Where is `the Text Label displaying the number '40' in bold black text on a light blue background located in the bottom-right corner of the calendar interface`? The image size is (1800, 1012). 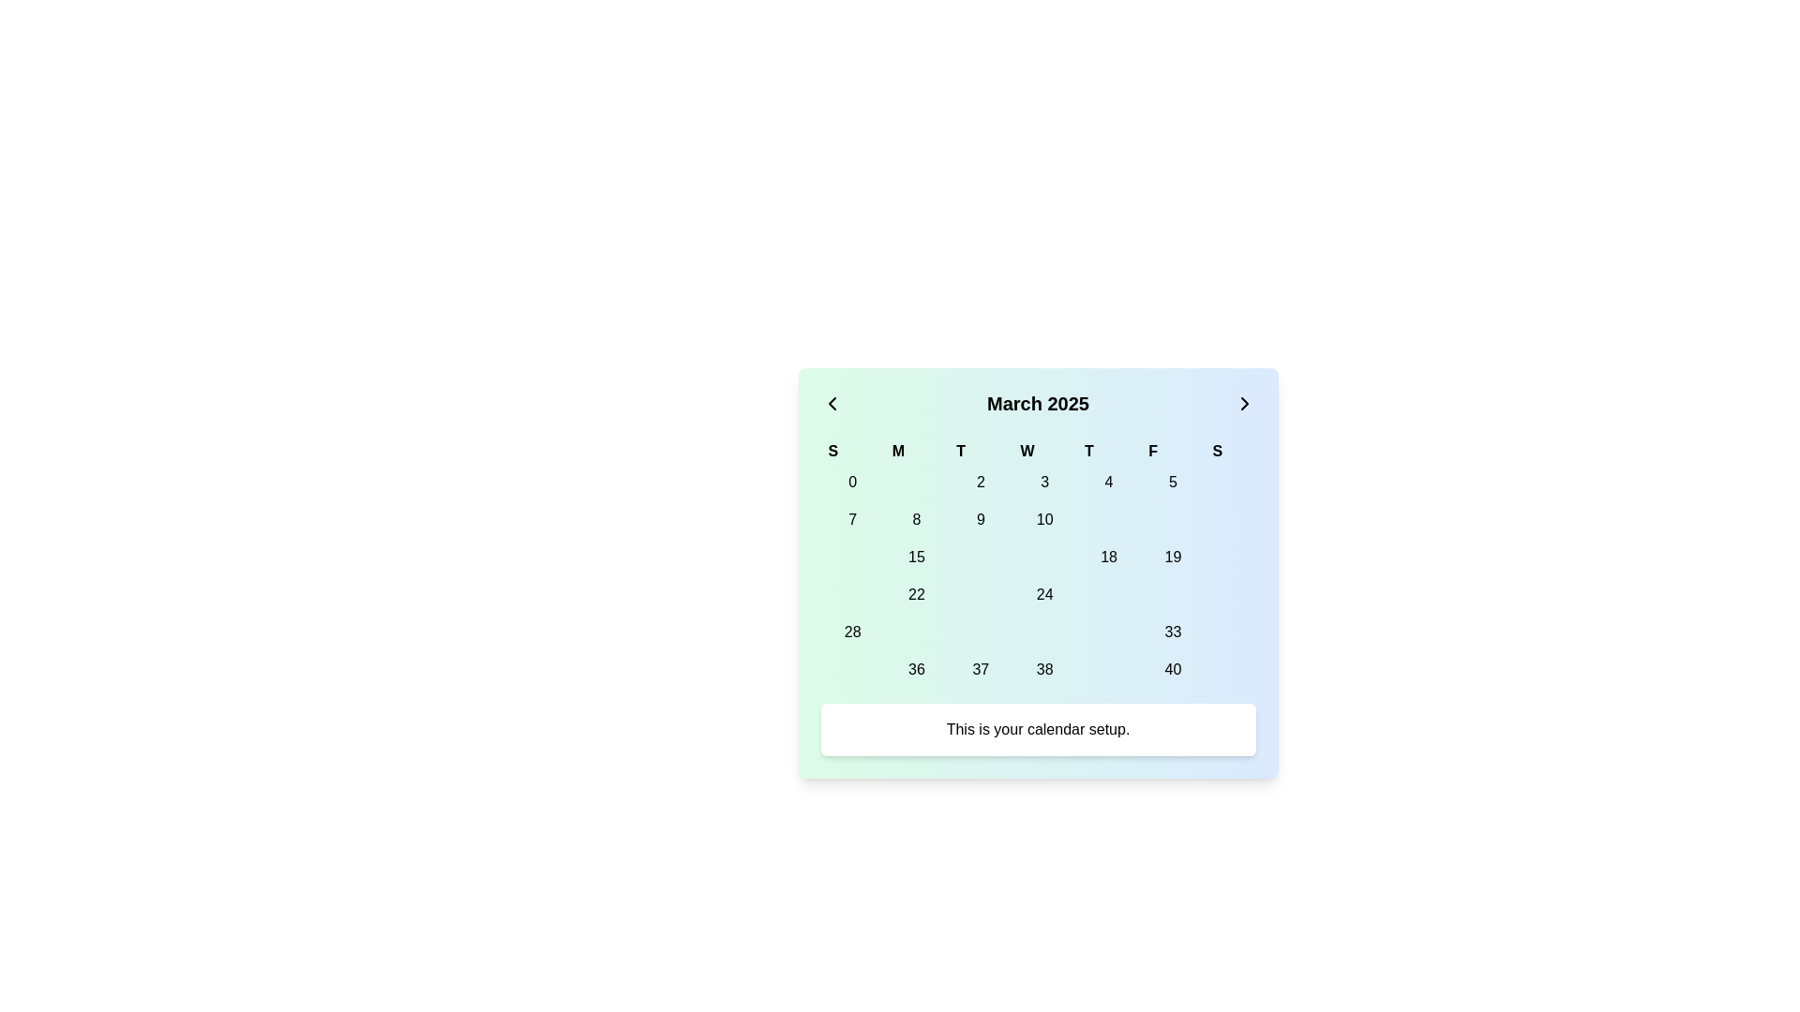 the Text Label displaying the number '40' in bold black text on a light blue background located in the bottom-right corner of the calendar interface is located at coordinates (1172, 668).